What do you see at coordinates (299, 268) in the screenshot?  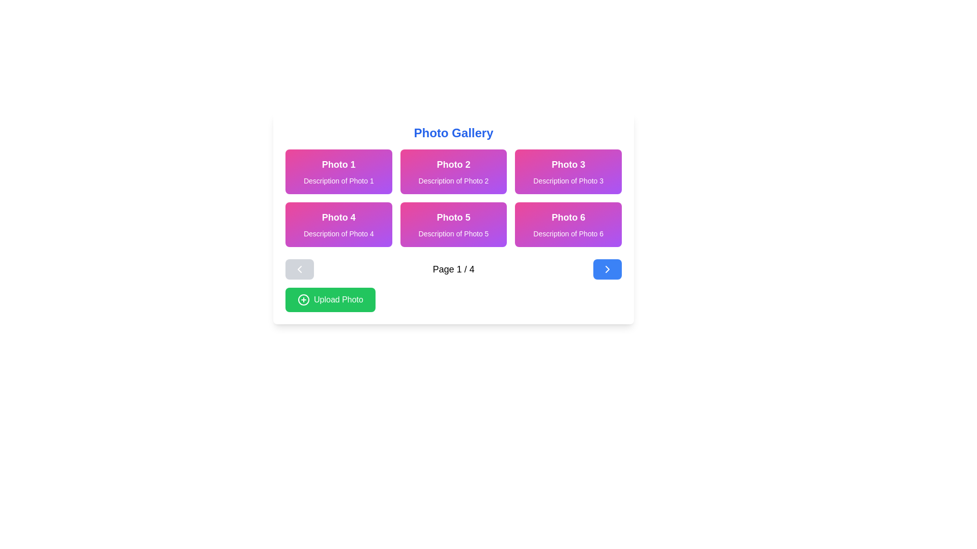 I see `the left navigation button in the pagination control to observe the hover effect, which allows users to navigate to the previous page in the gallery` at bounding box center [299, 268].